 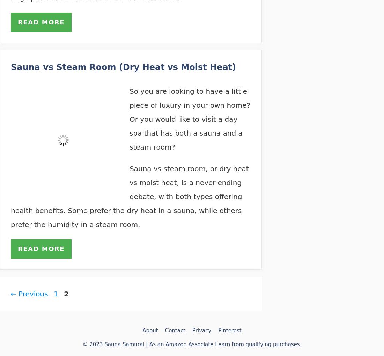 I want to click on 'So you are looking to have a little piece of luxury in your own home? Or you would like to visit a day spa that has both a sauna and a steam room?', so click(x=130, y=119).